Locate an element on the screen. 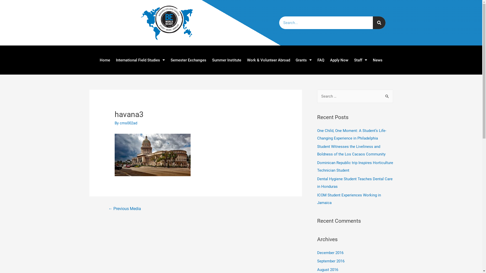 The height and width of the screenshot is (273, 486). 'December 2016' is located at coordinates (330, 253).